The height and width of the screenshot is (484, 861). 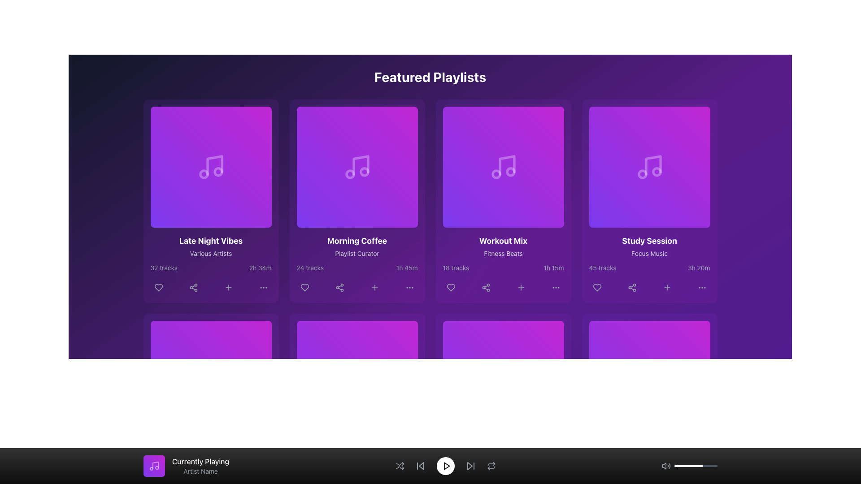 What do you see at coordinates (186, 466) in the screenshot?
I see `the 'Currently Playing' text and icon display component, which features a purple gradient square icon with a white music note and the text 'Currently Playing' in bold white font` at bounding box center [186, 466].